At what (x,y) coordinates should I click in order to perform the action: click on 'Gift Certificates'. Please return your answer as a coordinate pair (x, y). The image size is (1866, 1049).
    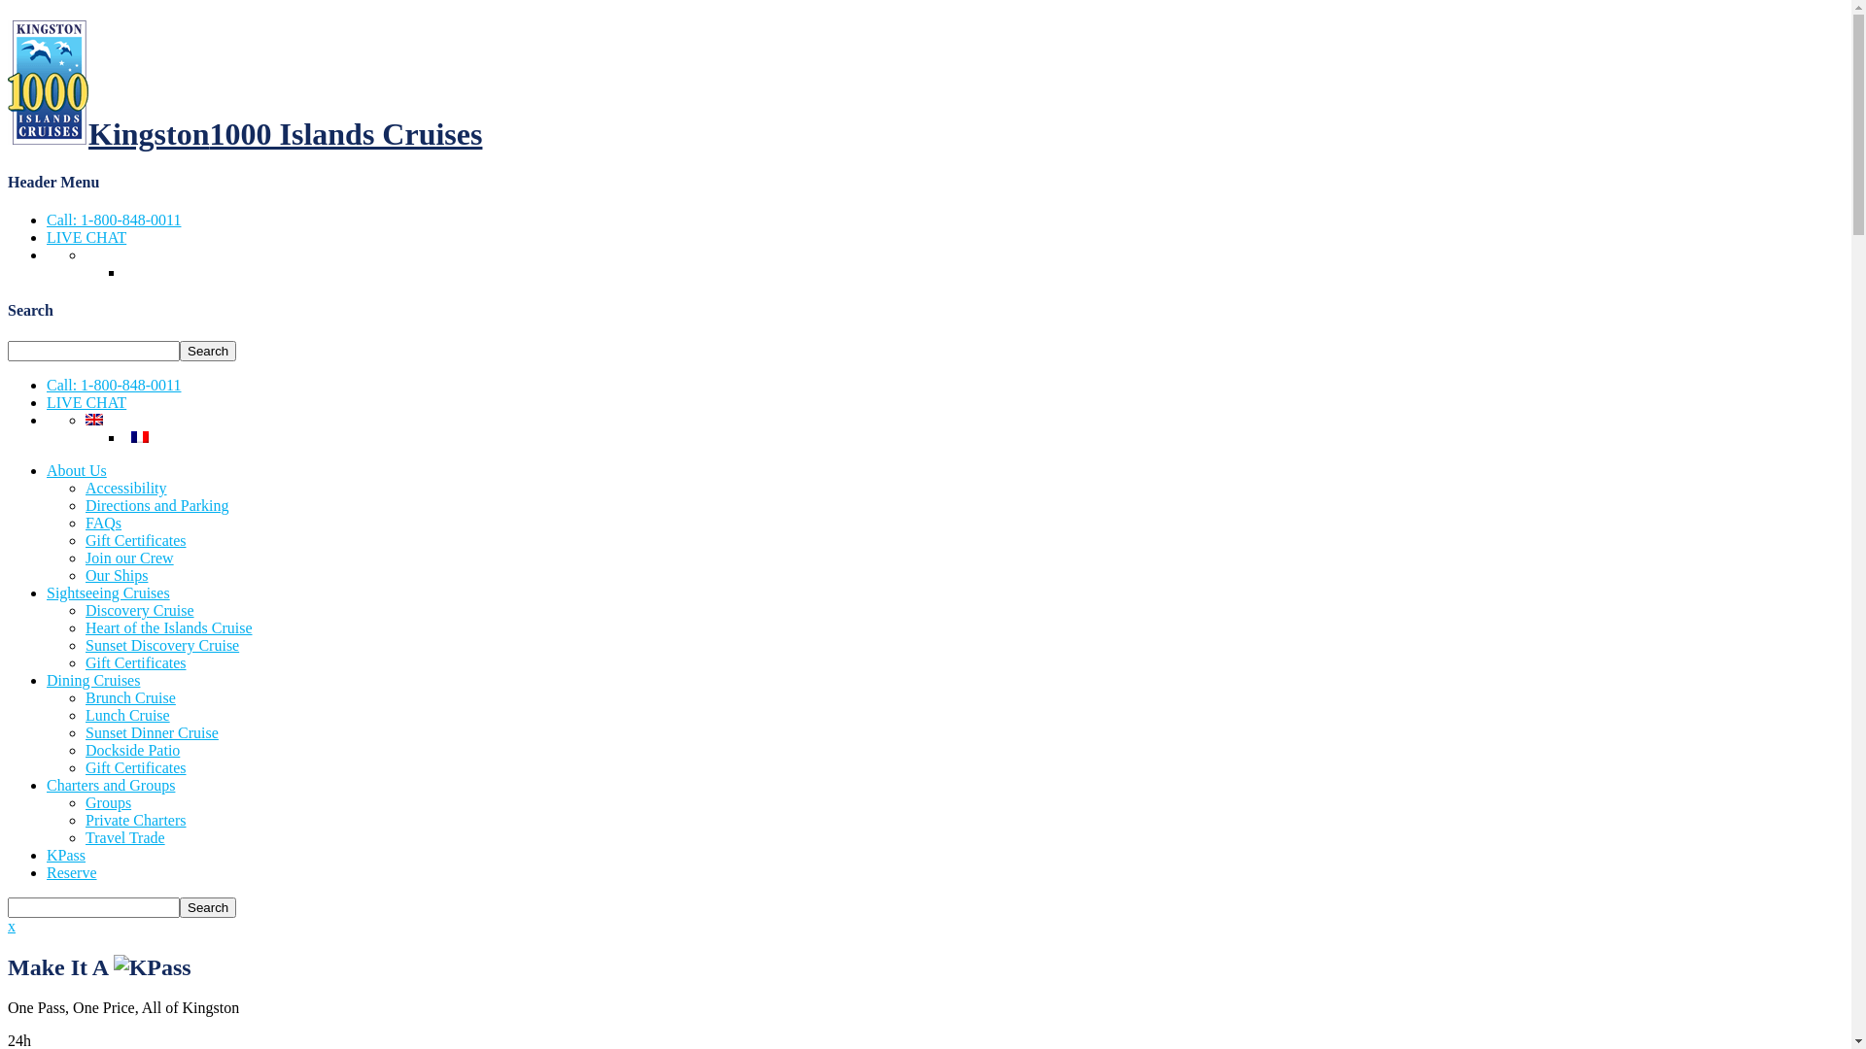
    Looking at the image, I should click on (134, 540).